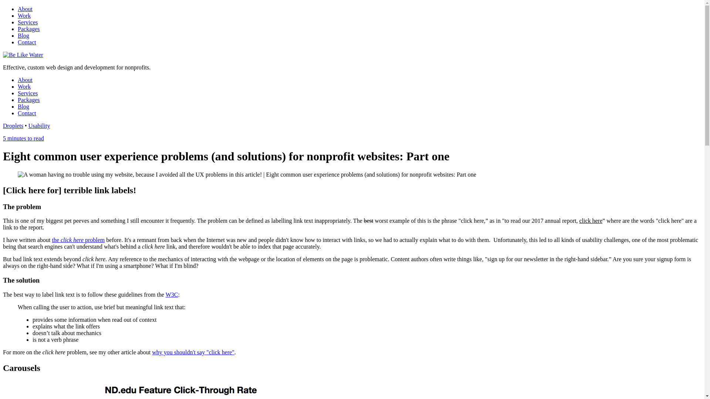 The height and width of the screenshot is (399, 710). I want to click on 'Services', so click(28, 93).